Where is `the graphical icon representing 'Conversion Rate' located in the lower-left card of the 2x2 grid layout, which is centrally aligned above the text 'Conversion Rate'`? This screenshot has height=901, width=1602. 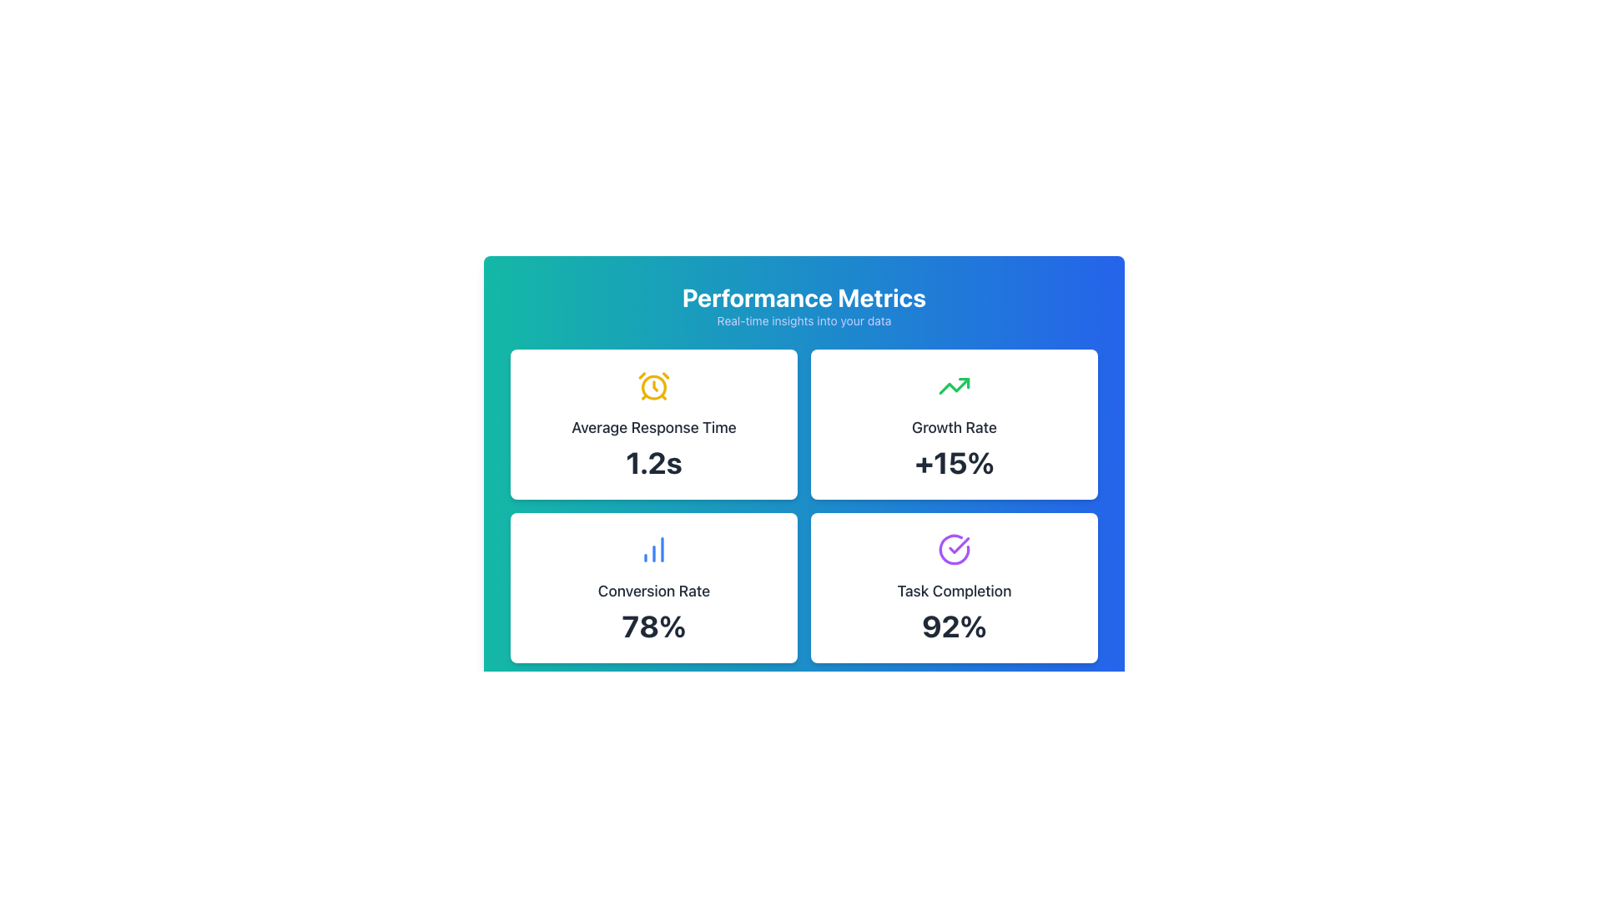
the graphical icon representing 'Conversion Rate' located in the lower-left card of the 2x2 grid layout, which is centrally aligned above the text 'Conversion Rate' is located at coordinates (652, 550).